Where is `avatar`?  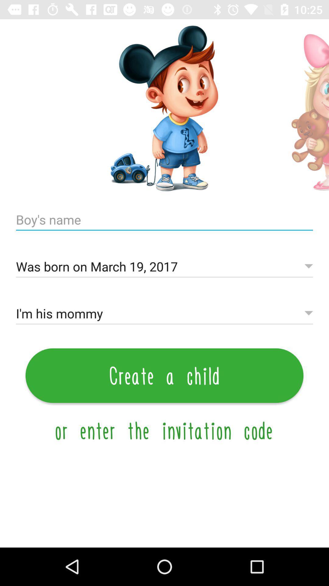 avatar is located at coordinates (304, 108).